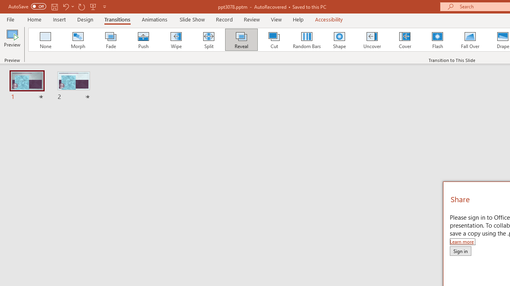 This screenshot has height=286, width=510. What do you see at coordinates (306, 40) in the screenshot?
I see `'Random Bars'` at bounding box center [306, 40].